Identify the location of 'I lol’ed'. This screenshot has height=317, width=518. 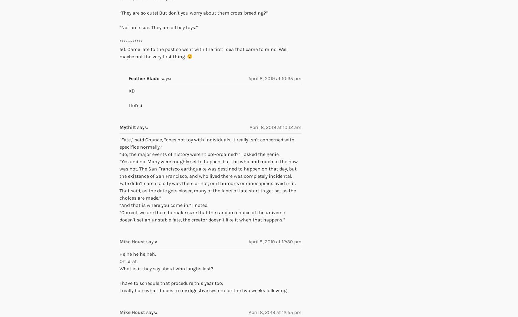
(135, 105).